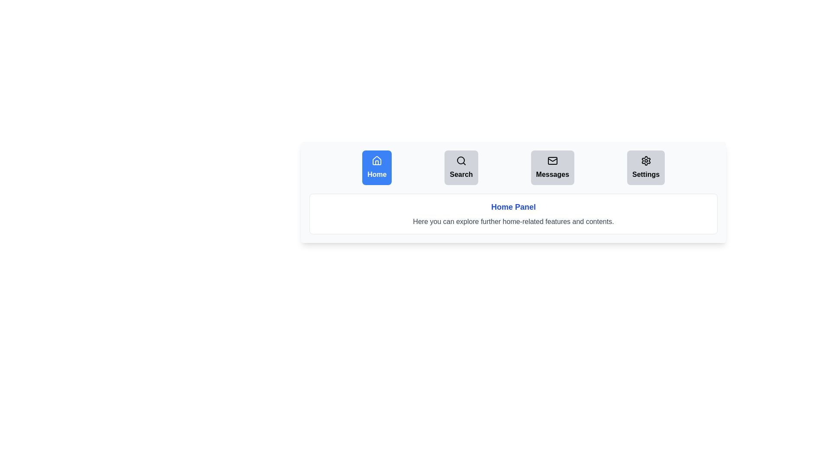 The height and width of the screenshot is (467, 831). Describe the element at coordinates (377, 160) in the screenshot. I see `the 'Home' SVG icon located at the center of the 'Home' button to activate the tooltip or focus state` at that location.